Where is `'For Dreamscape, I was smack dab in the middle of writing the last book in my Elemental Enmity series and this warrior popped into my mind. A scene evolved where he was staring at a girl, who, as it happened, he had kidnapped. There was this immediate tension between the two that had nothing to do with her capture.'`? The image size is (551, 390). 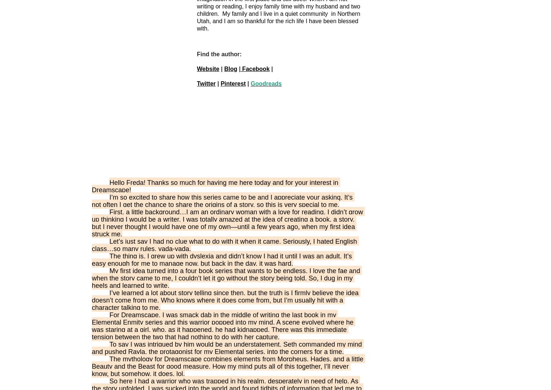 'For Dreamscape, I was smack dab in the middle of writing the last book in my Elemental Enmity series and this warrior popped into my mind. A scene evolved where he was staring at a girl, who, as it happened, he had kidnapped. There was this immediate tension between the two that had nothing to do with her capture.' is located at coordinates (223, 325).